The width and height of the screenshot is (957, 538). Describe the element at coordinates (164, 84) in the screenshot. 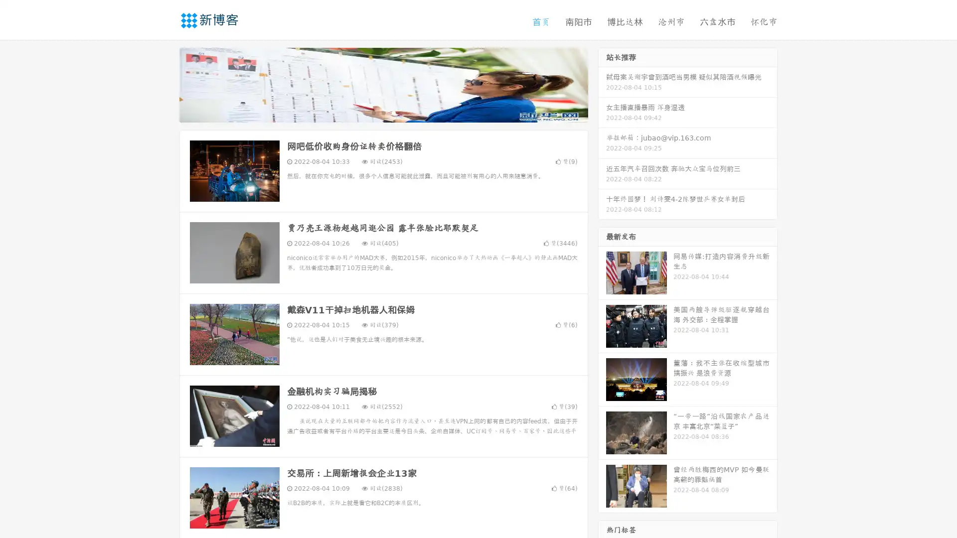

I see `Previous slide` at that location.